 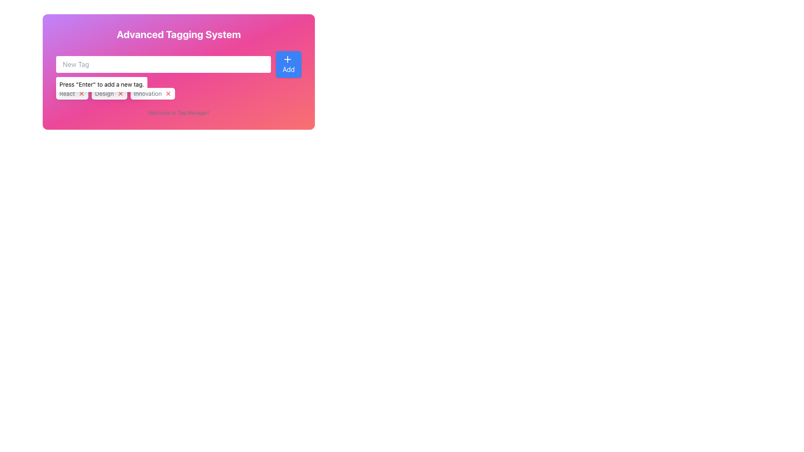 I want to click on the button icon located to the right of the 'Innovation' tag, so click(x=168, y=93).